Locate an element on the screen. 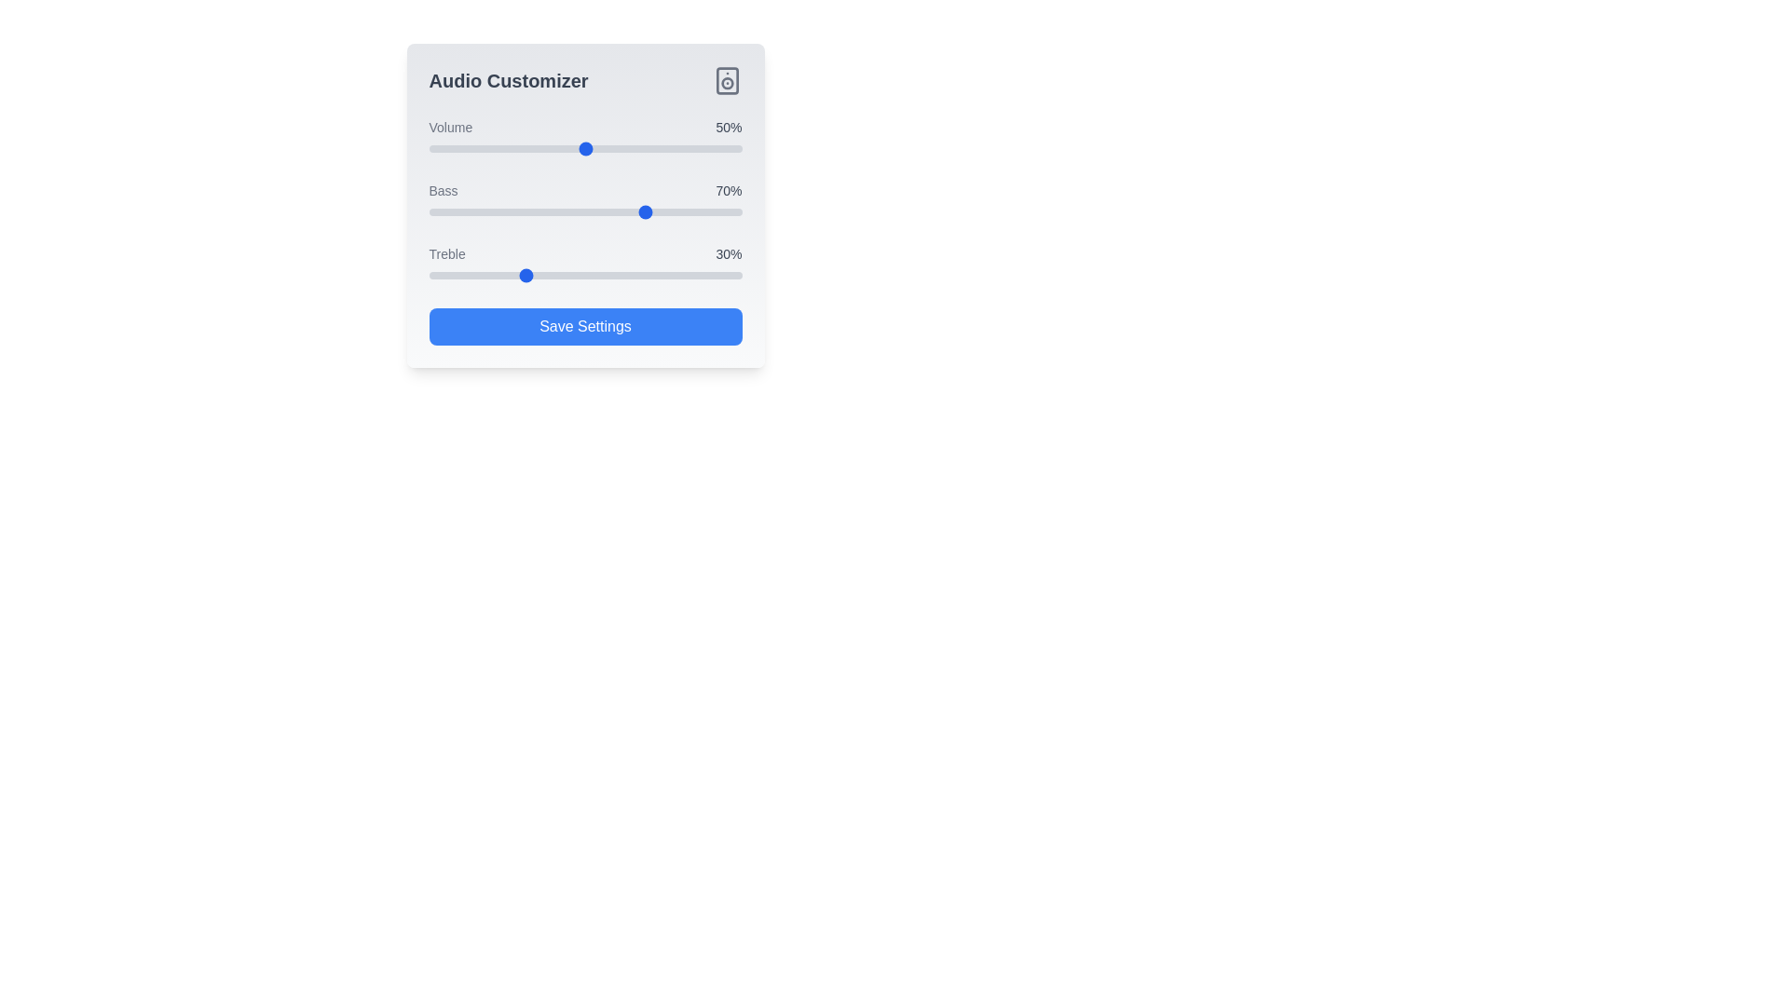 The image size is (1789, 1006). the treble slider to set the treble level to 54% is located at coordinates (597, 276).